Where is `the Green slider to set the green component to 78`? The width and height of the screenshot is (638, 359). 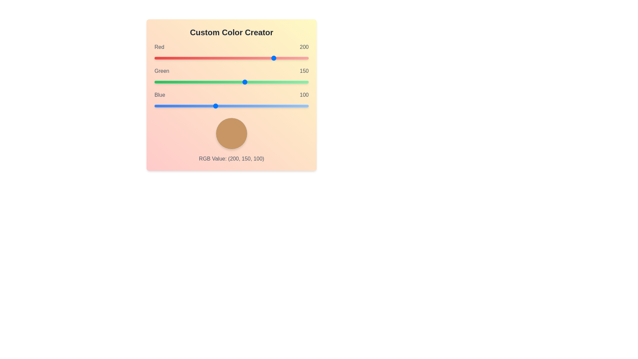 the Green slider to set the green component to 78 is located at coordinates (201, 81).